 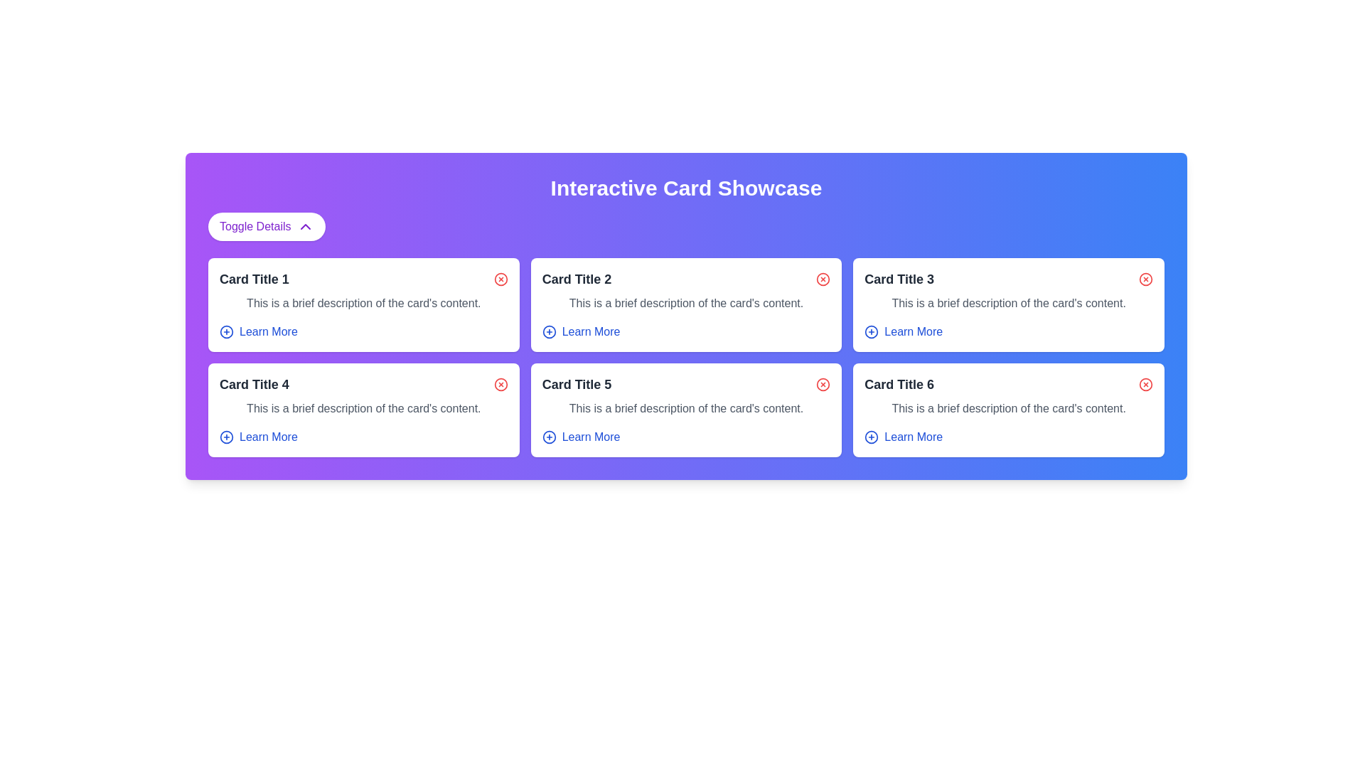 What do you see at coordinates (225, 331) in the screenshot?
I see `the circular icon with a blue outline and a plus sign in the center, which is part of the 'Learn More' link in 'Card Title 1'` at bounding box center [225, 331].